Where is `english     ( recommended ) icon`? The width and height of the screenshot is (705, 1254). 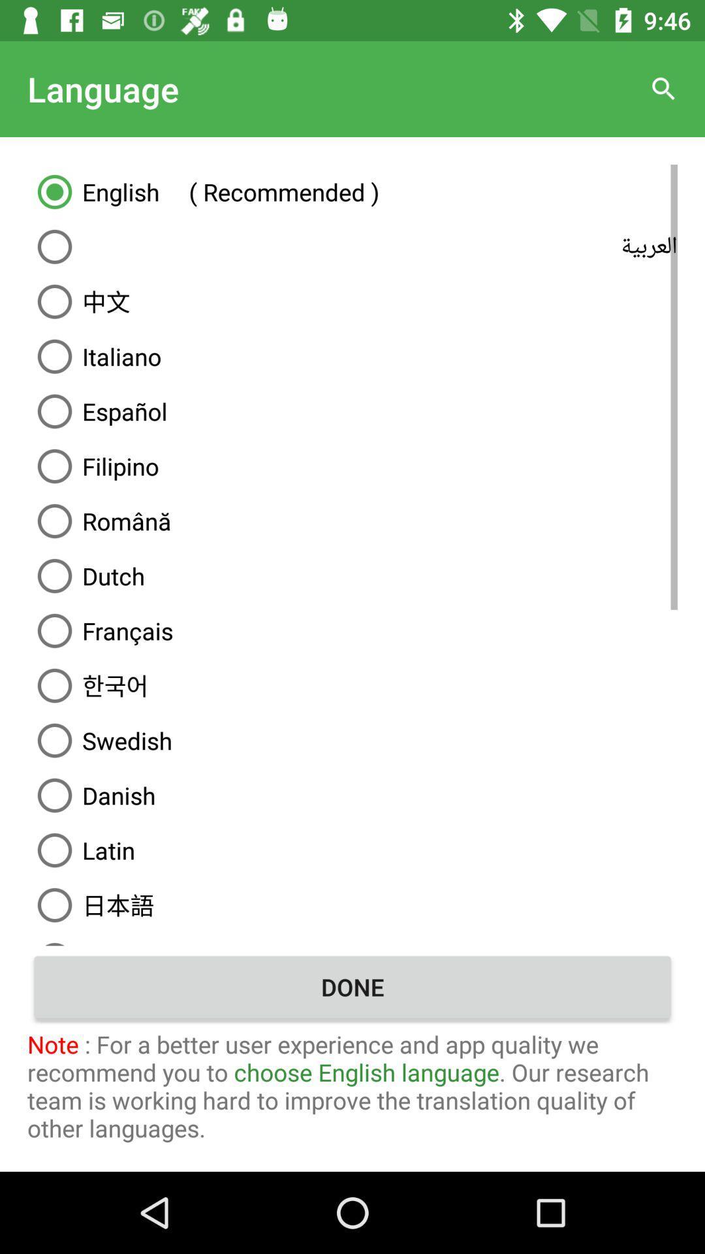
english     ( recommended ) icon is located at coordinates (352, 191).